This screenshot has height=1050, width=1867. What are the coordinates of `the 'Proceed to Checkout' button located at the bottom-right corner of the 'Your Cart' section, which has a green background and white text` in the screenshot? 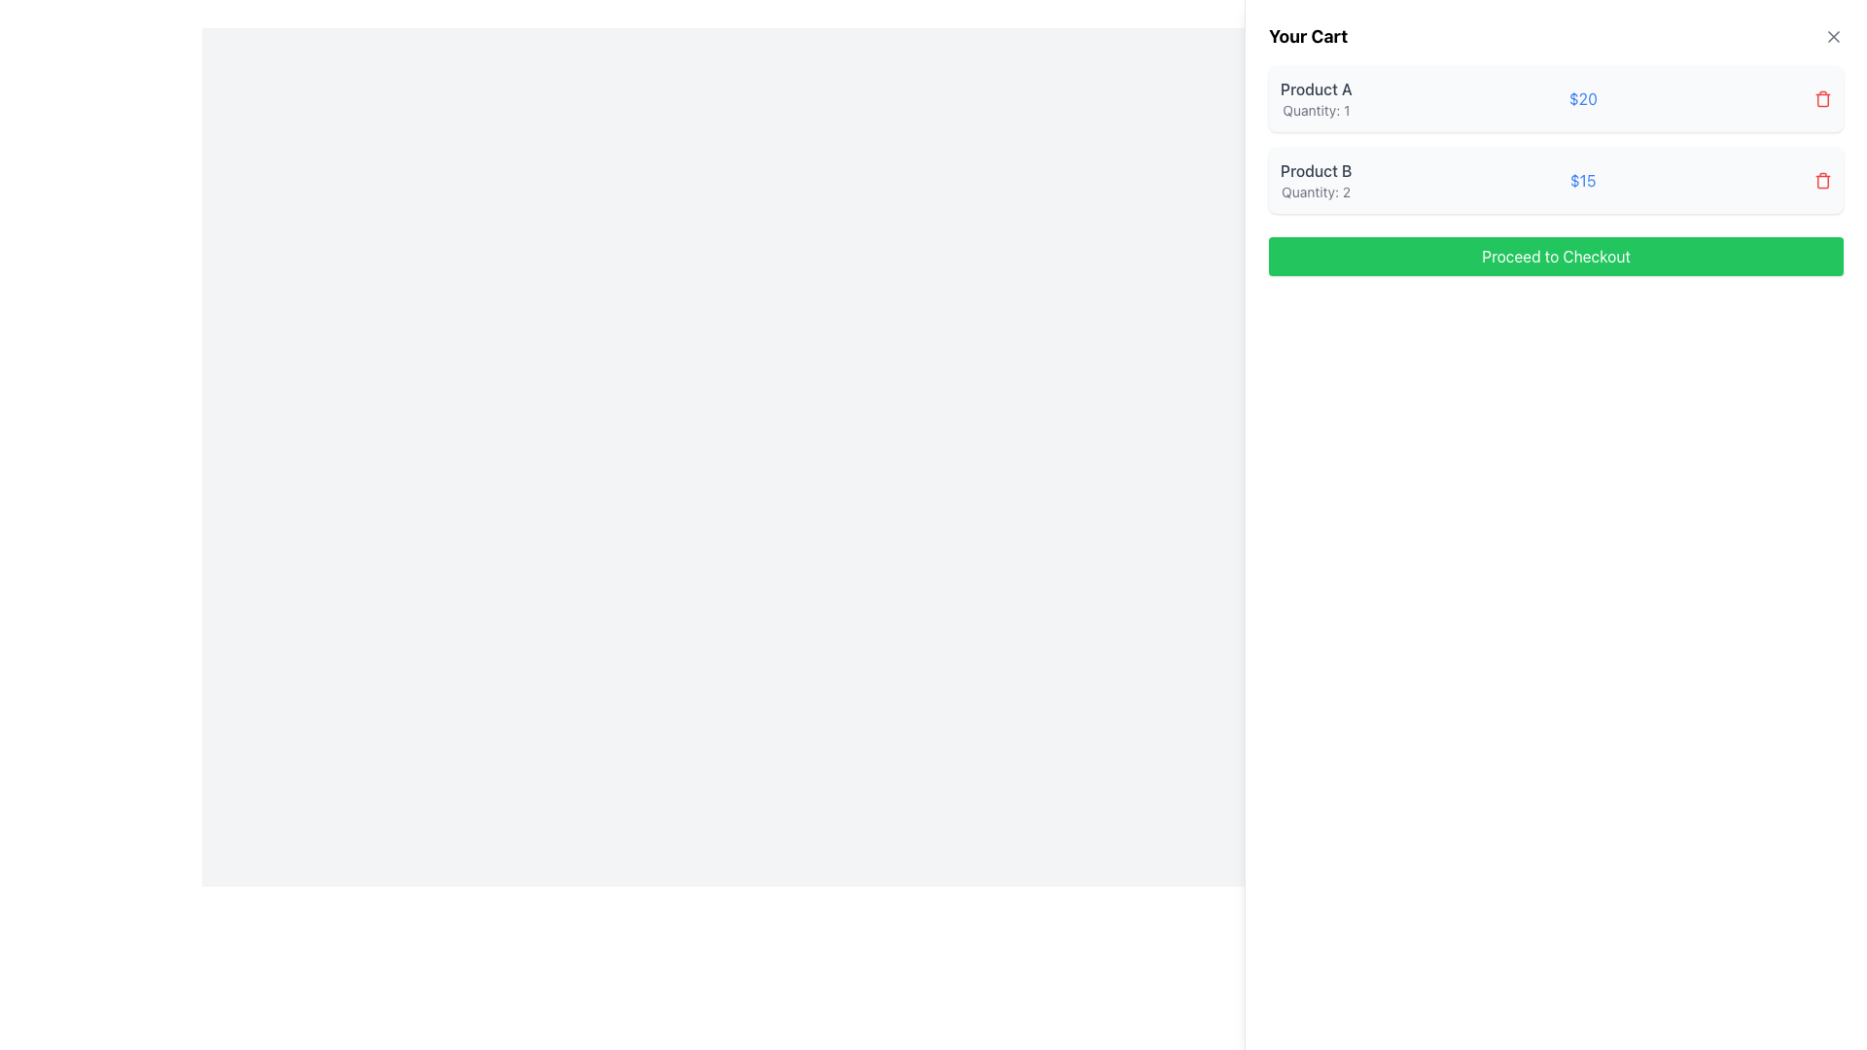 It's located at (1554, 255).